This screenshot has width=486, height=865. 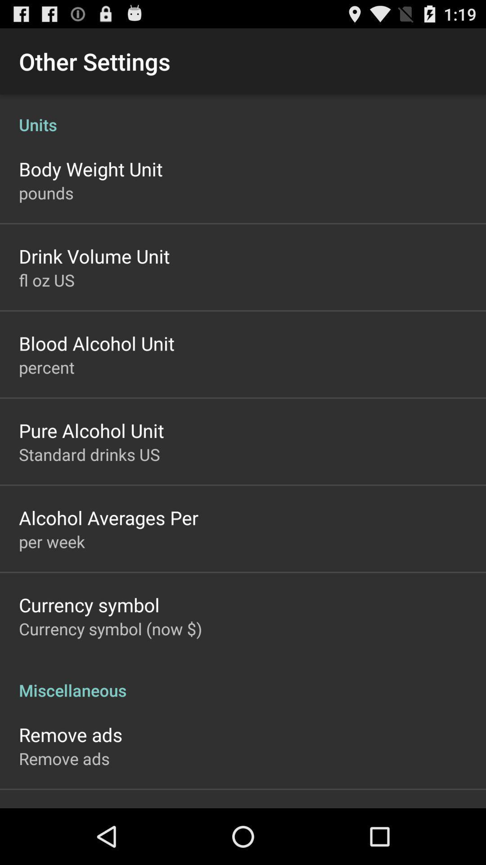 What do you see at coordinates (243, 114) in the screenshot?
I see `item below the other settings item` at bounding box center [243, 114].